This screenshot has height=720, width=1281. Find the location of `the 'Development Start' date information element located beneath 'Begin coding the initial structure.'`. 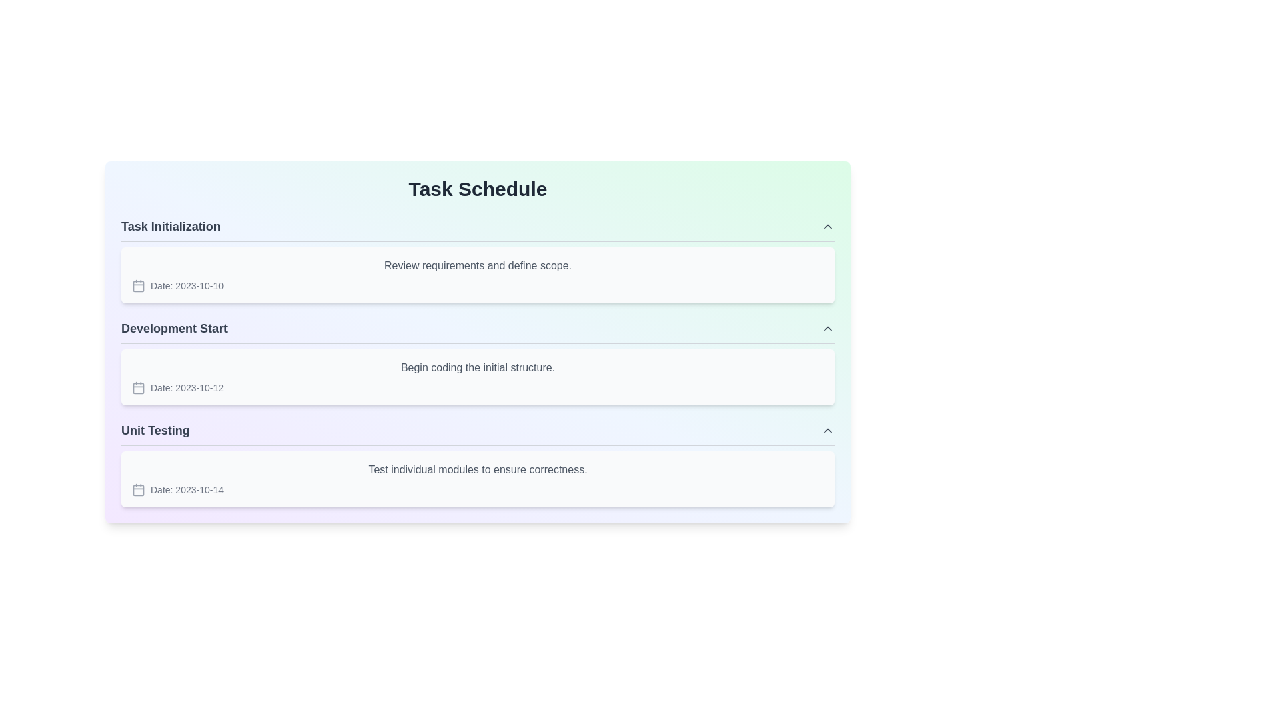

the 'Development Start' date information element located beneath 'Begin coding the initial structure.' is located at coordinates (478, 388).